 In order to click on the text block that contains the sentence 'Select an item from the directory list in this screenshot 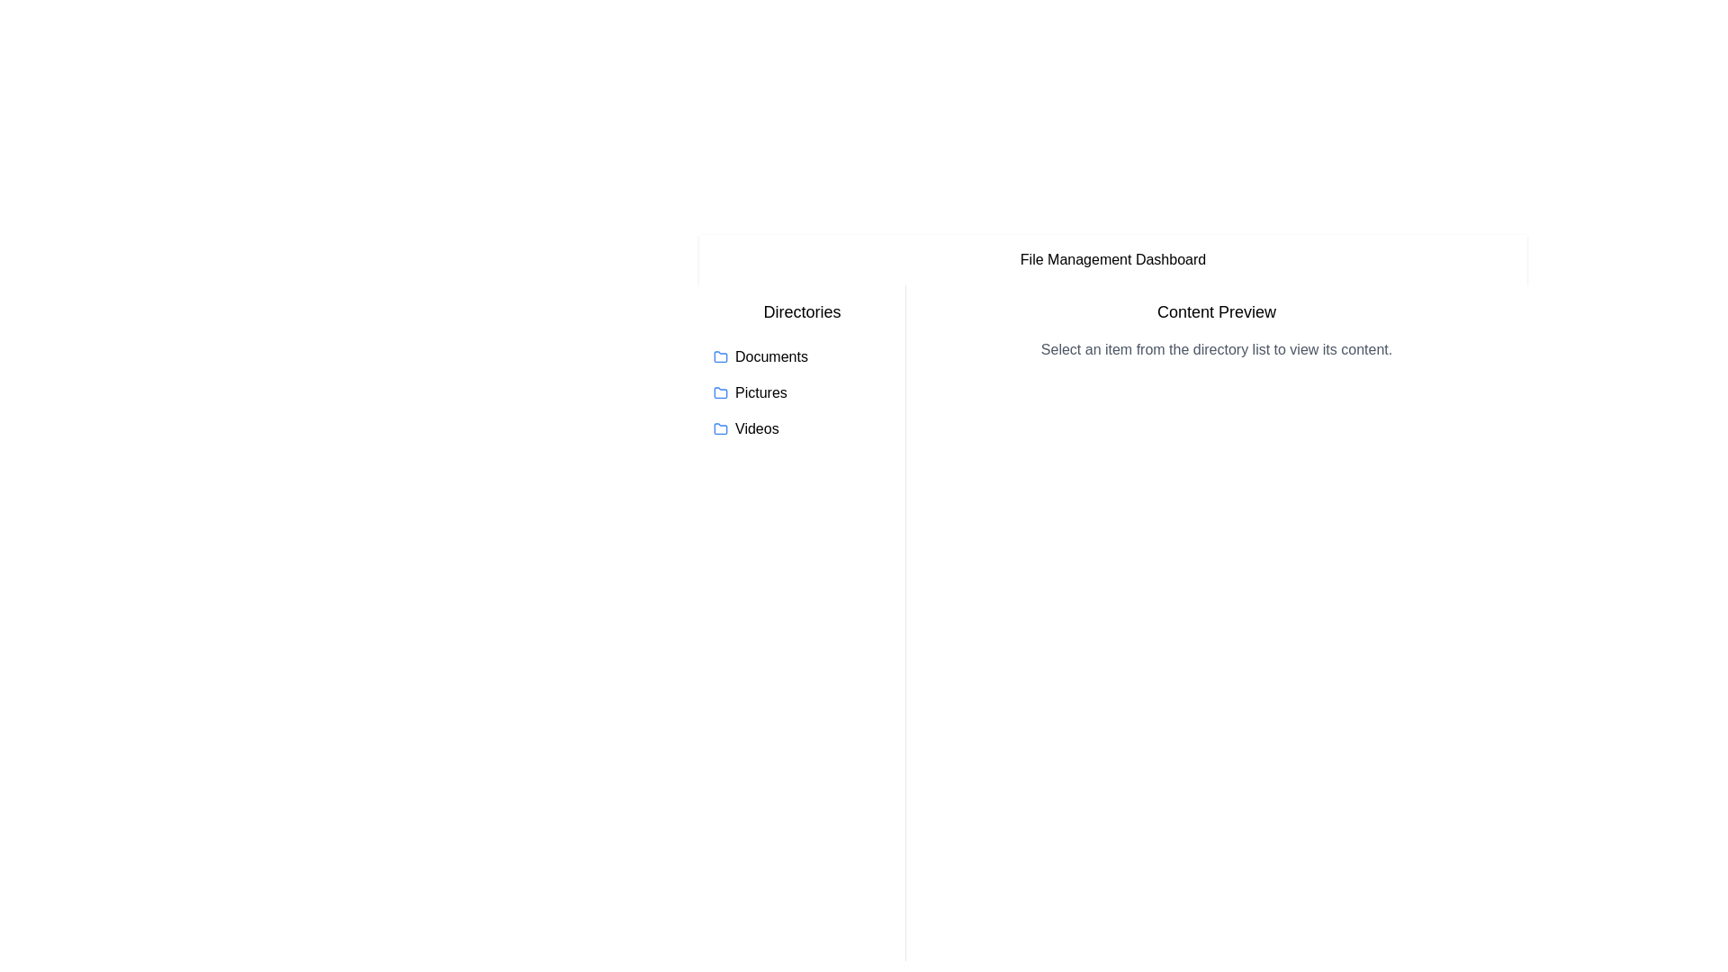, I will do `click(1217, 350)`.